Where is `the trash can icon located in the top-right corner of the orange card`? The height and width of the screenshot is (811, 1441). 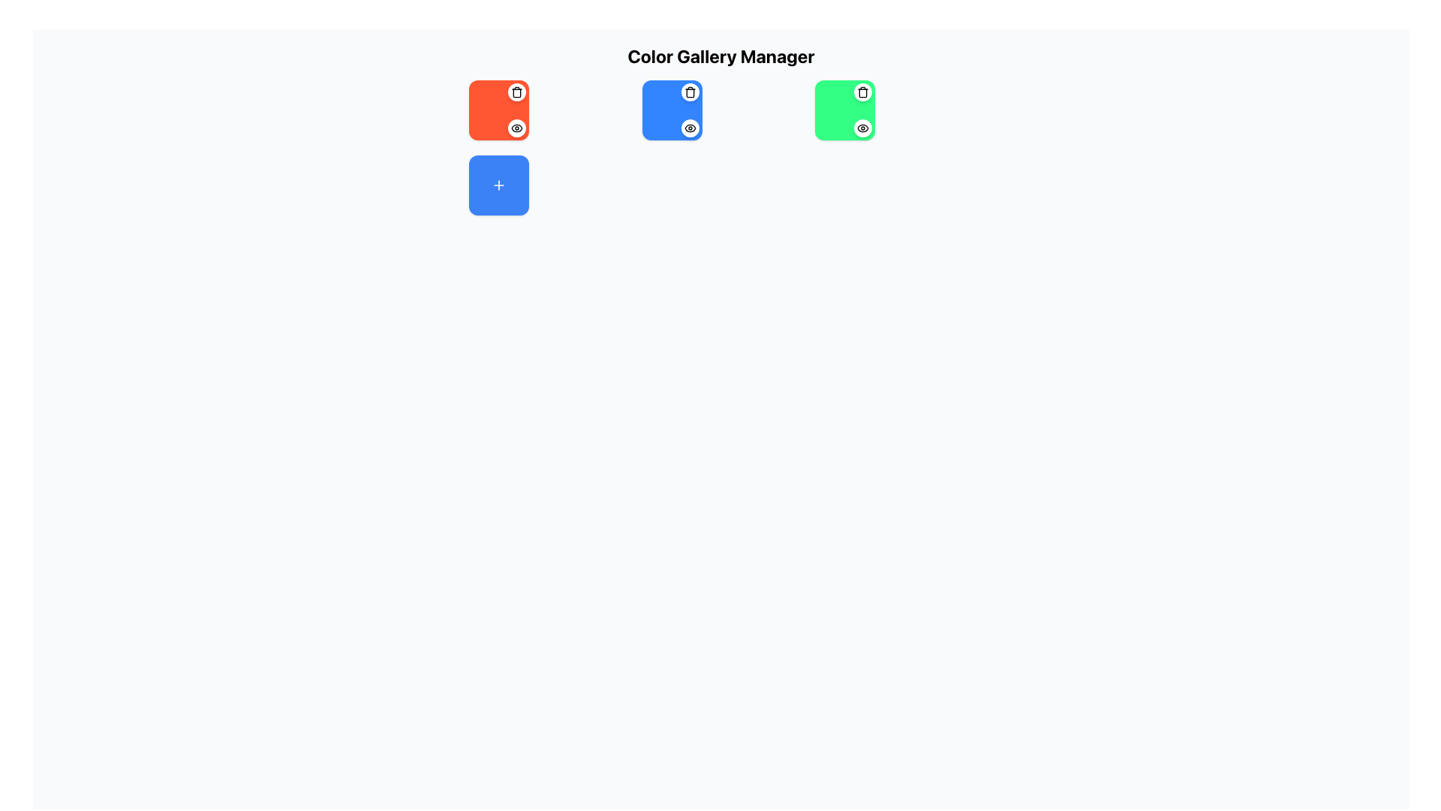
the trash can icon located in the top-right corner of the orange card is located at coordinates (517, 92).